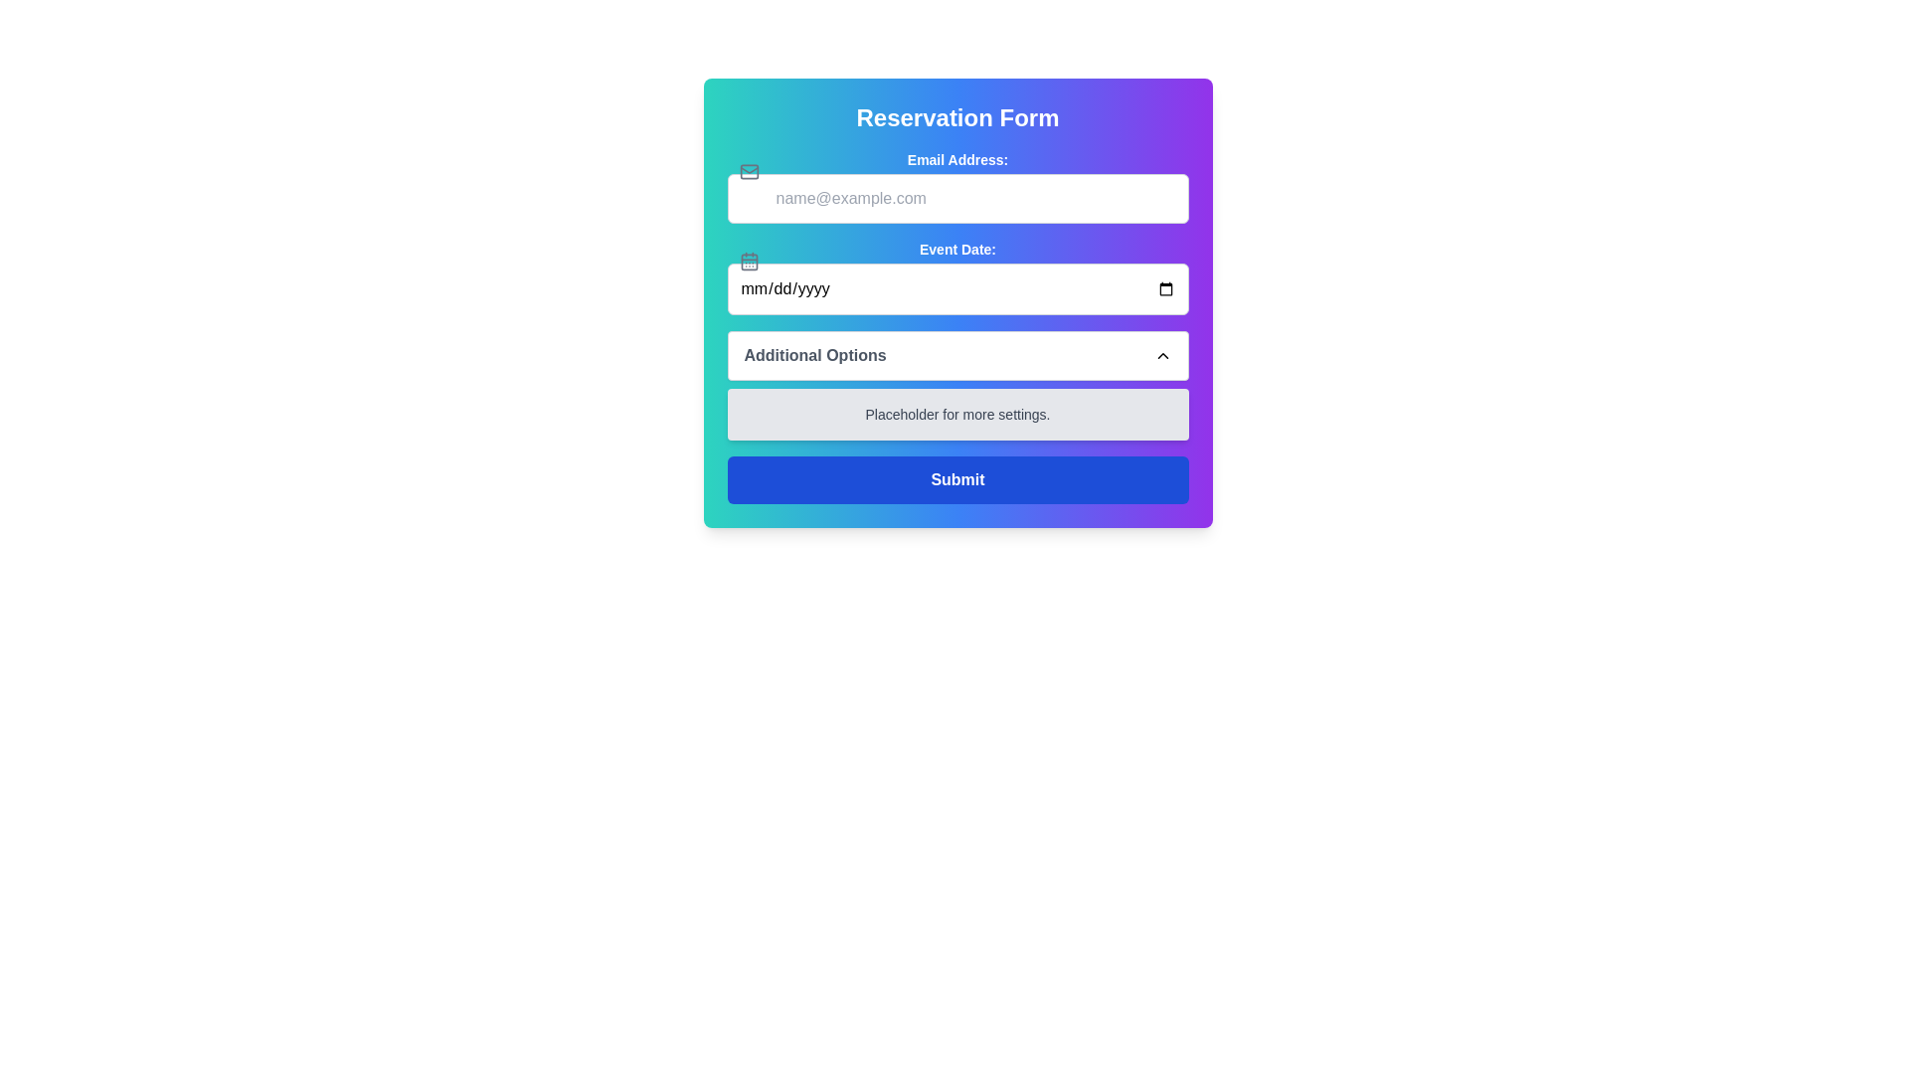 This screenshot has height=1074, width=1909. I want to click on the static text placeholder displaying 'Placeholder for more settings.' which is styled in light gray and positioned between 'Additional Options' and 'Submit' button, so click(957, 413).